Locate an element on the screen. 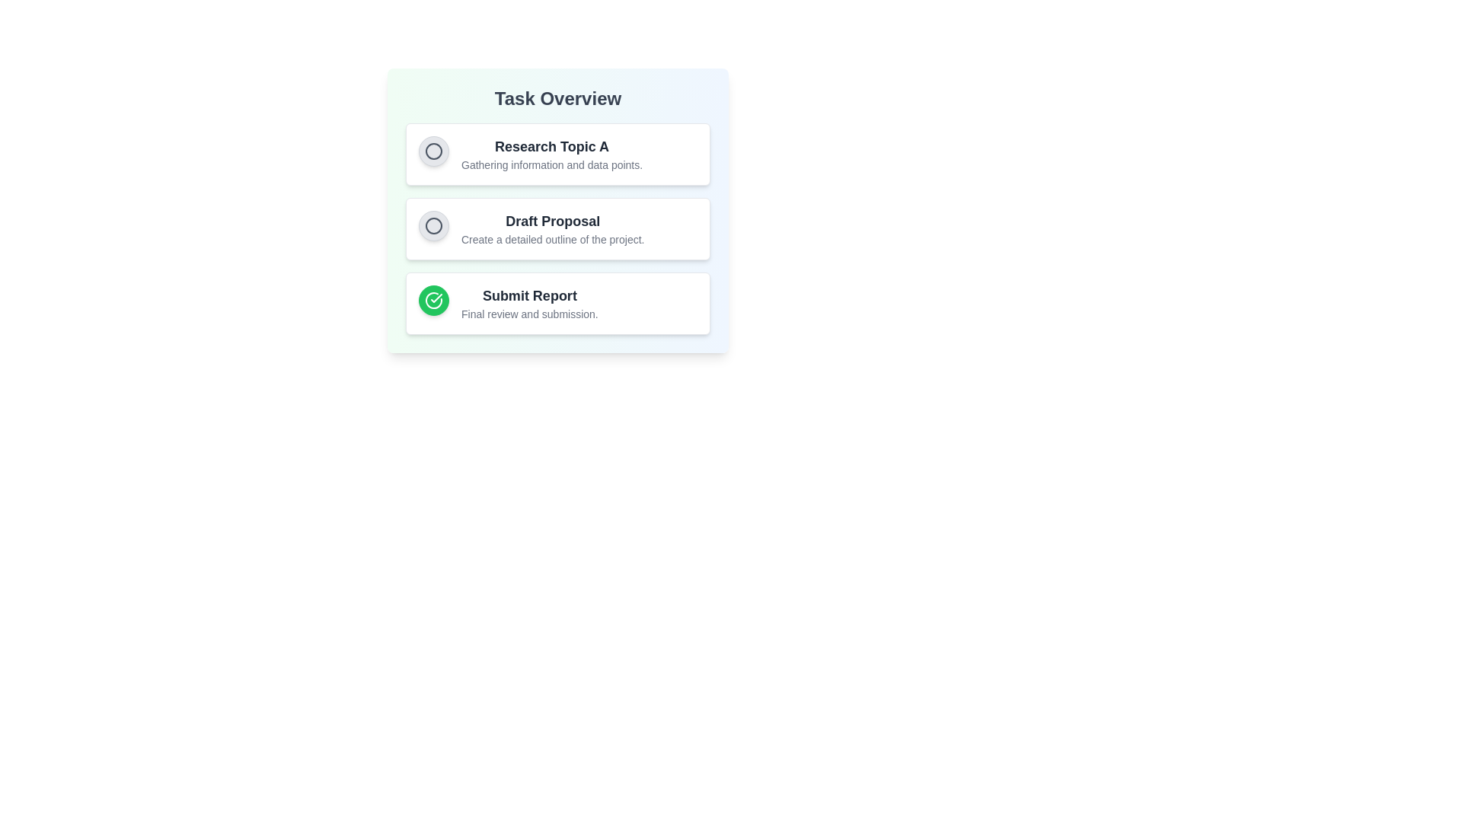 The height and width of the screenshot is (822, 1462). the second circular interactive icon in the 'Task Overview' component, which has a thin gray outline and is associated with the 'Draft Proposal' button is located at coordinates (433, 226).